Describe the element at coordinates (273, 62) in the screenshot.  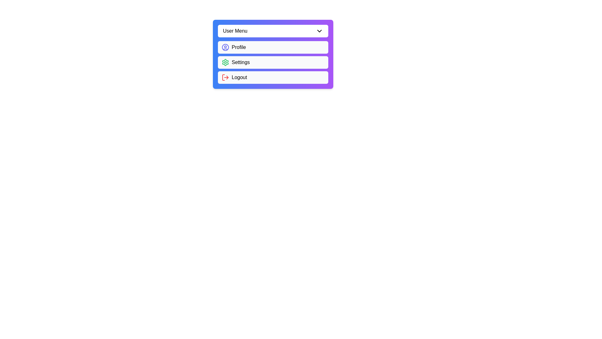
I see `the 'Settings' option in the menu` at that location.